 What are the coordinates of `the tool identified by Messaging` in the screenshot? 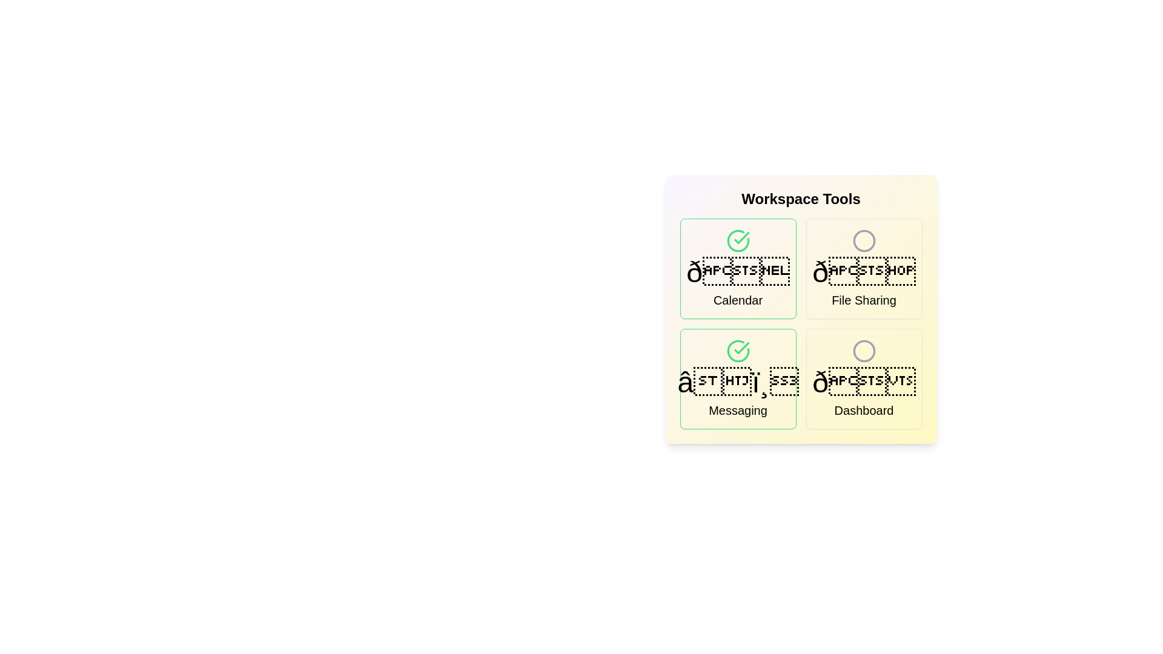 It's located at (737, 378).